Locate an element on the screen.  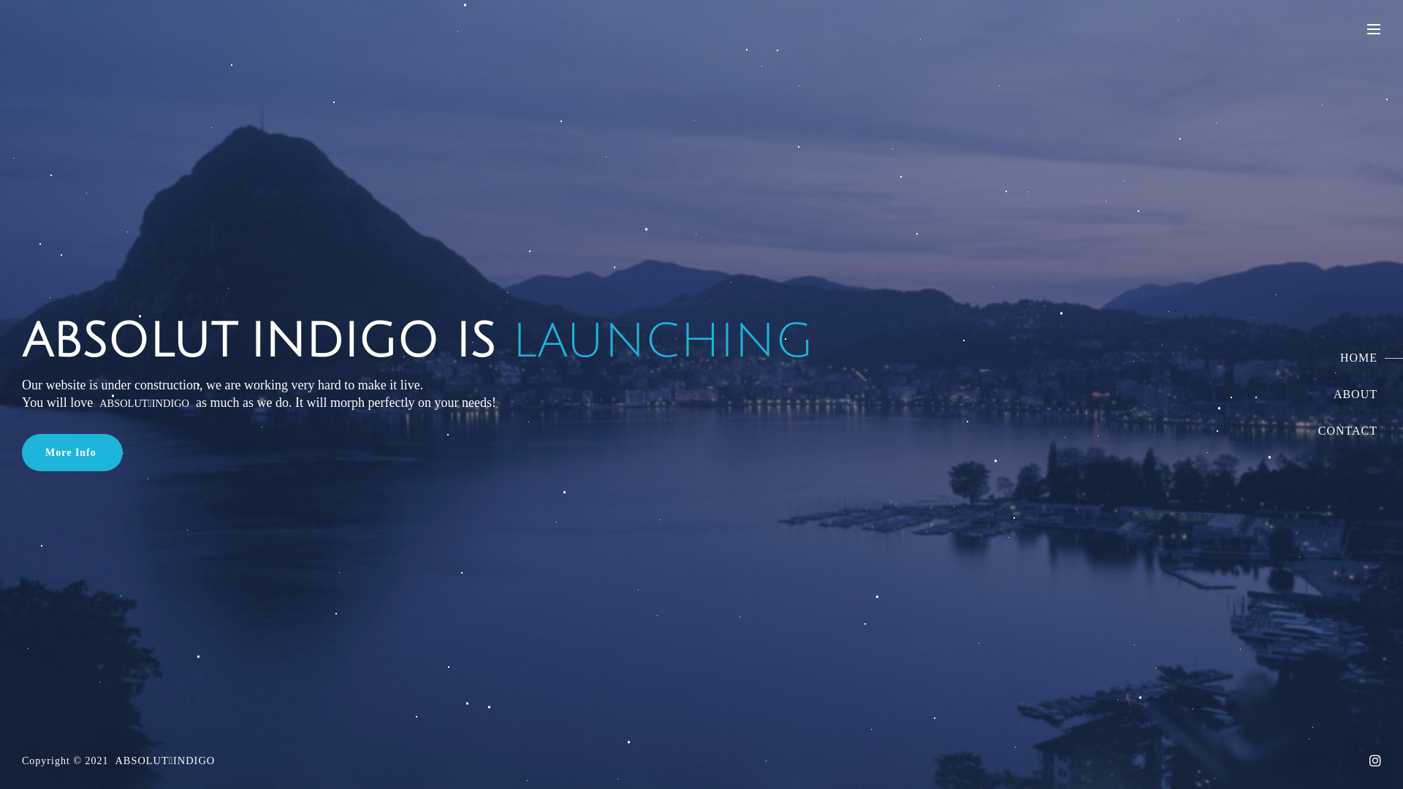
'ABOUT' is located at coordinates (1347, 394).